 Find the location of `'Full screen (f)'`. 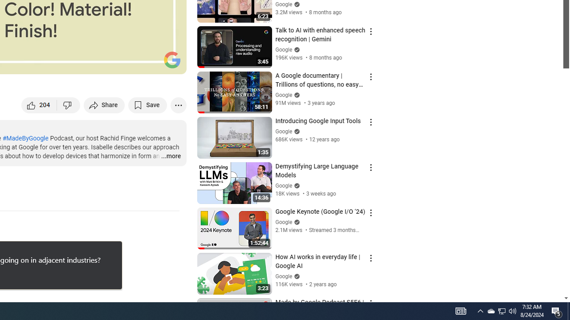

'Full screen (f)' is located at coordinates (170, 63).